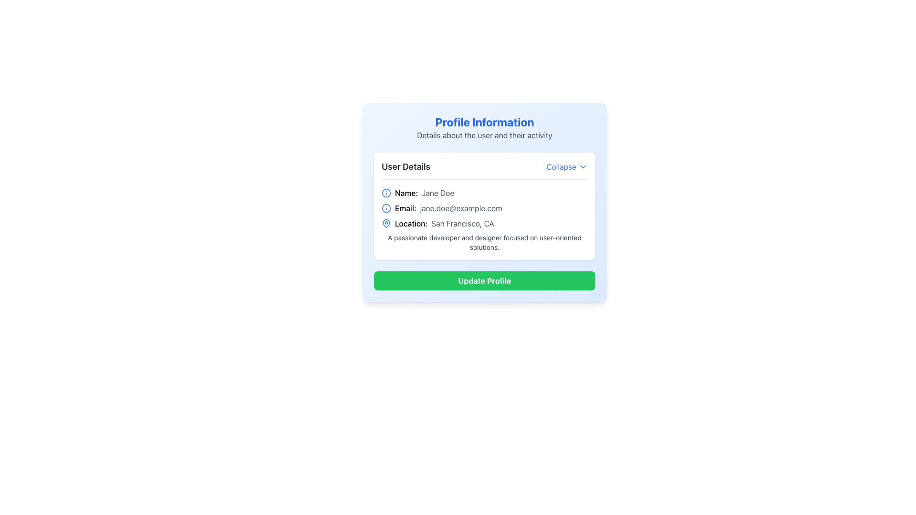 Image resolution: width=916 pixels, height=515 pixels. I want to click on the 'Location: San Francisco, CA' text label with icon, which is the third element in the User Details section of the Profile Information card, so click(485, 224).